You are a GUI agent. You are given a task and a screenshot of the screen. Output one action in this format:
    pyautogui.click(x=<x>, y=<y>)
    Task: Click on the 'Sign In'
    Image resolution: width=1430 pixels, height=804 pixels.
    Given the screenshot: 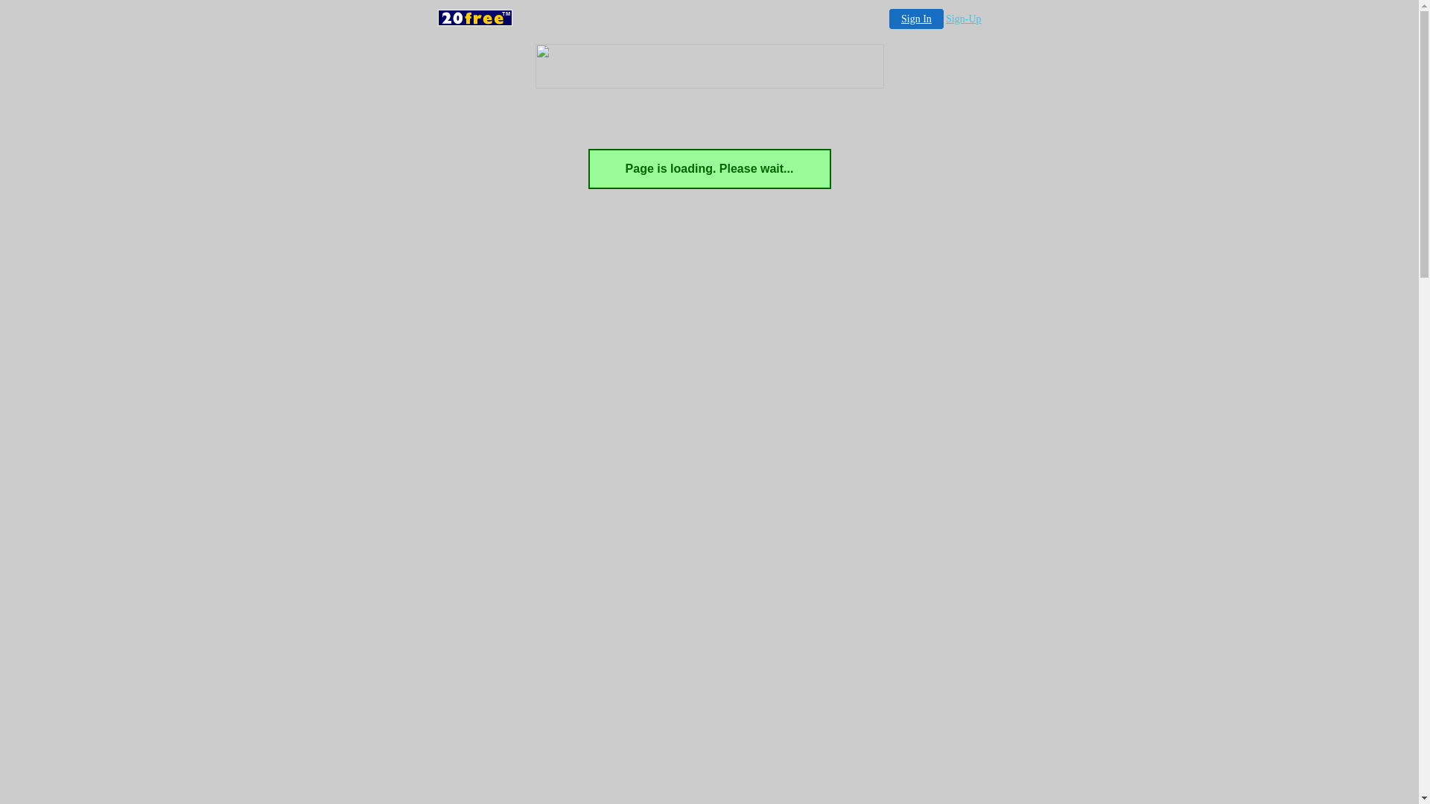 What is the action you would take?
    pyautogui.click(x=915, y=19)
    